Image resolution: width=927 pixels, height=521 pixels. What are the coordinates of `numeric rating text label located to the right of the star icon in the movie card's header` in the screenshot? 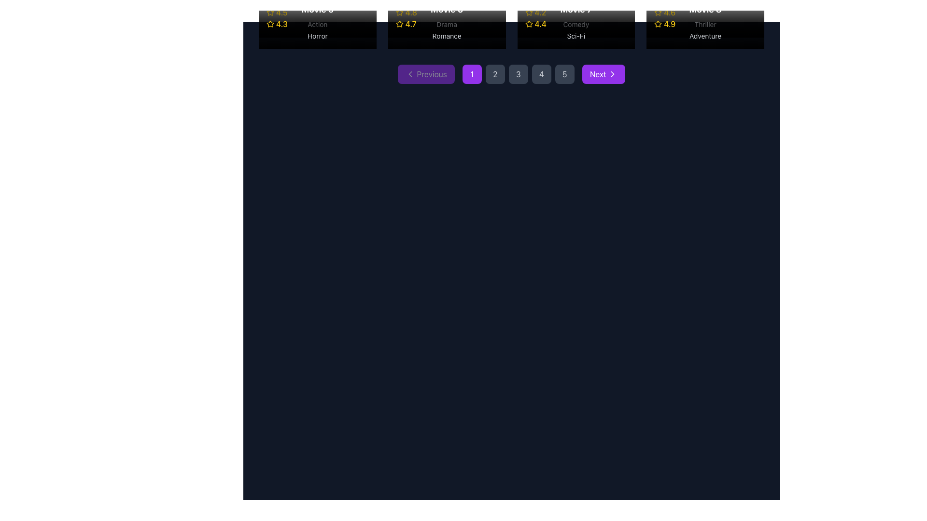 It's located at (281, 24).